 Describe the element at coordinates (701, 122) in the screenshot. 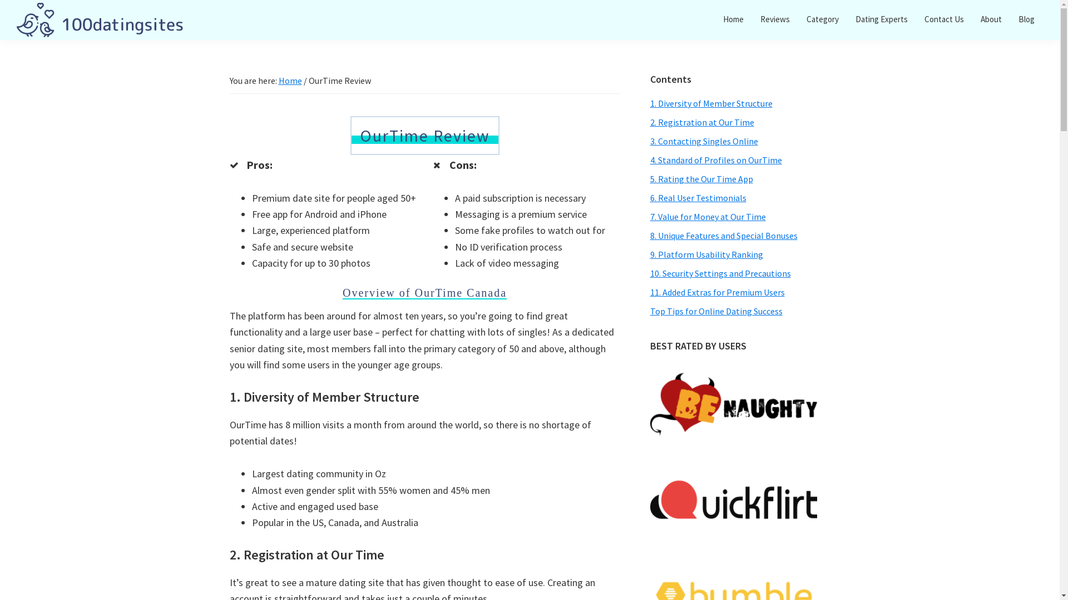

I see `'2. Registration at Our Time'` at that location.